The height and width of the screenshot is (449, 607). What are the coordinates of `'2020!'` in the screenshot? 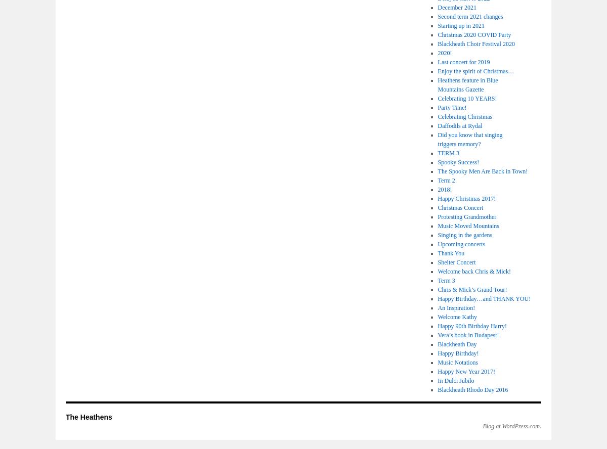 It's located at (444, 52).